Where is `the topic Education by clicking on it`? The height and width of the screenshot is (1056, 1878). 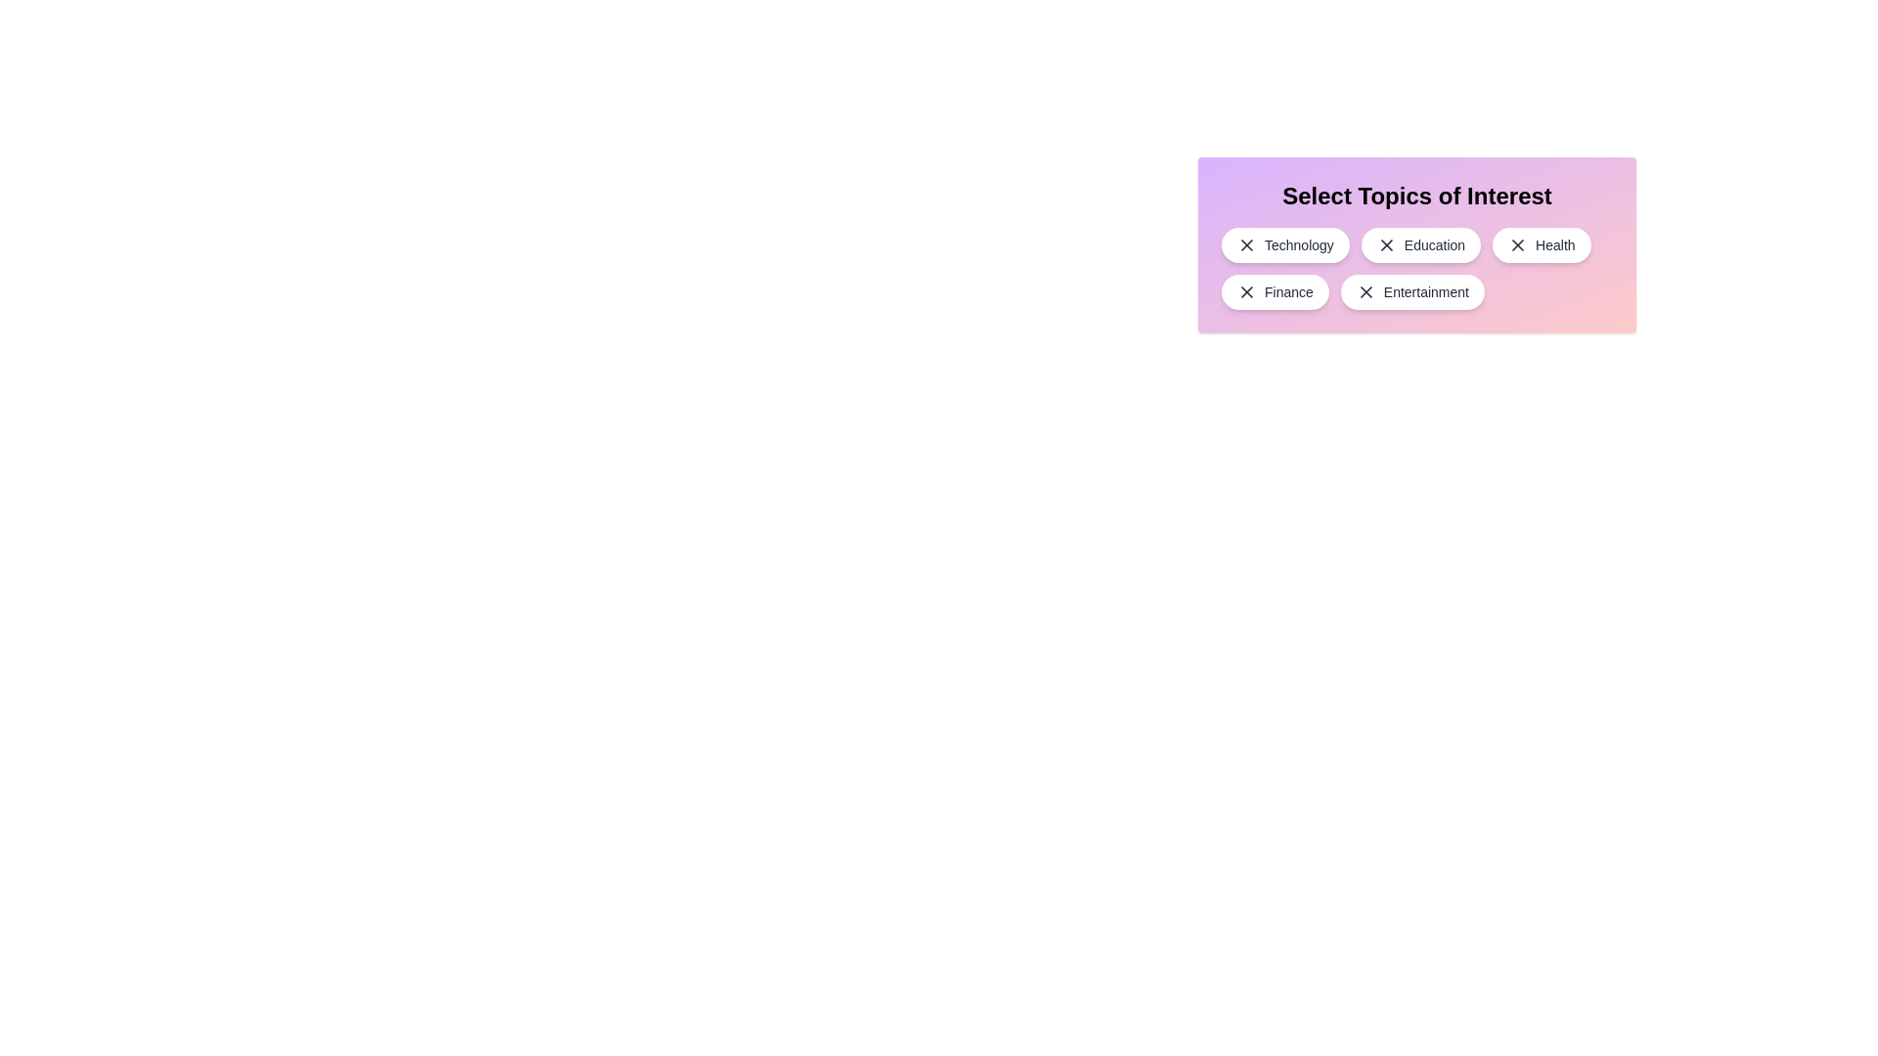 the topic Education by clicking on it is located at coordinates (1421, 243).